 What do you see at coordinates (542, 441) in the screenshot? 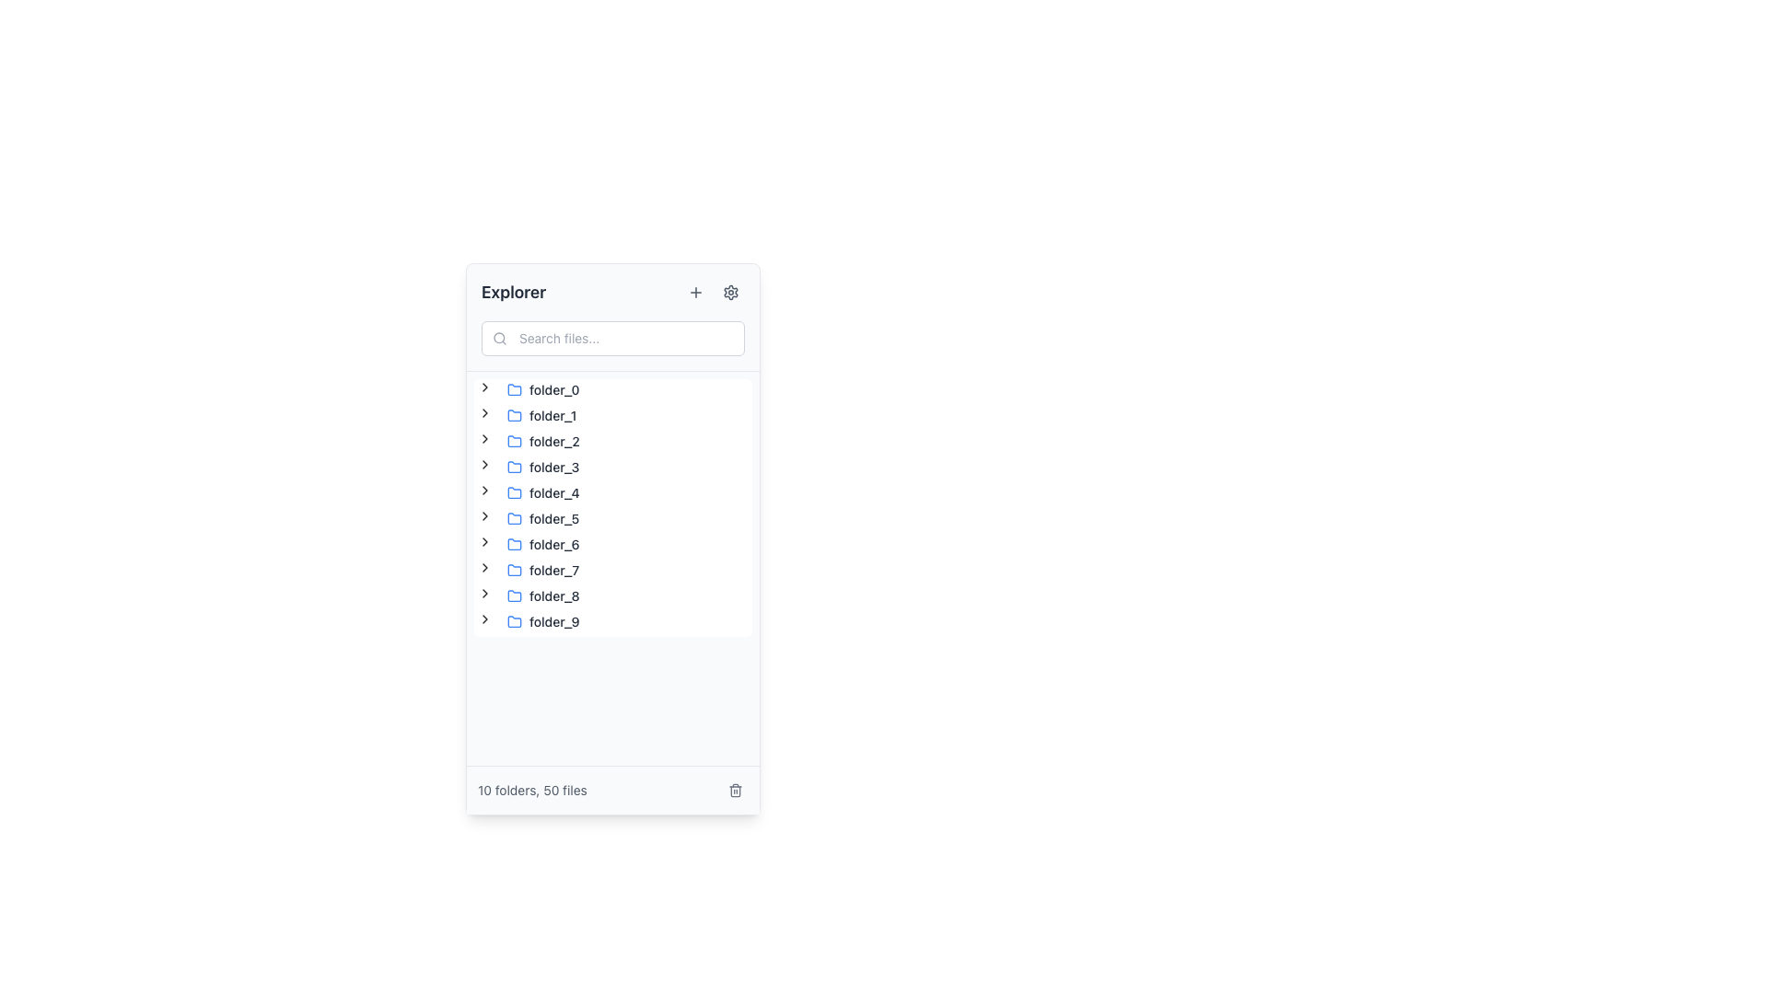
I see `the folder named 'folder_2' in the file explorer` at bounding box center [542, 441].